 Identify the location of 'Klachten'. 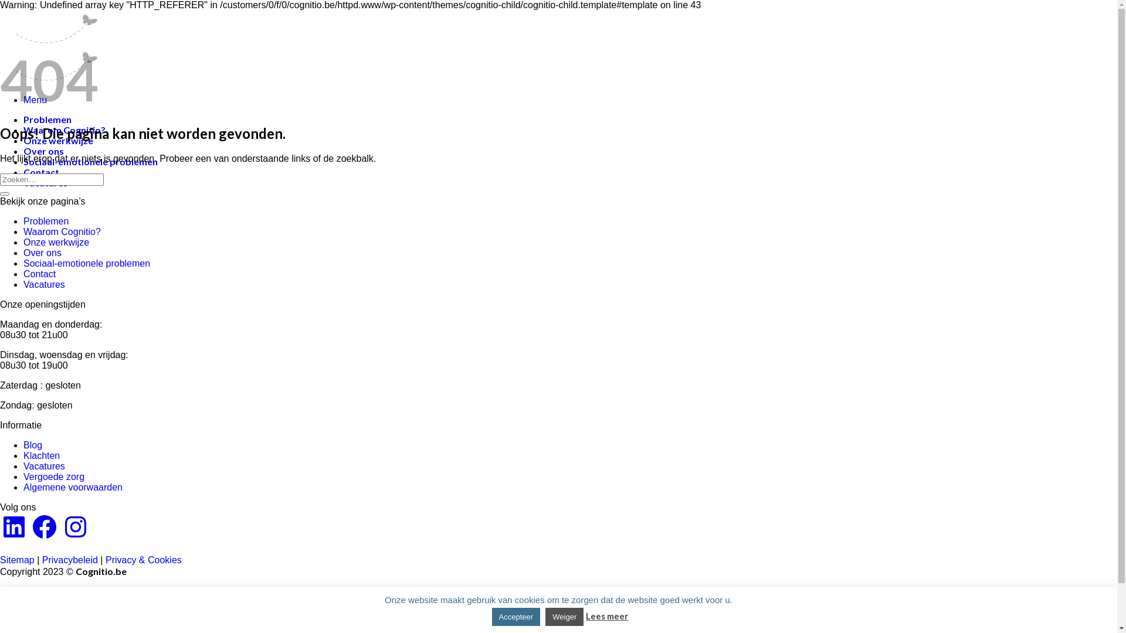
(42, 455).